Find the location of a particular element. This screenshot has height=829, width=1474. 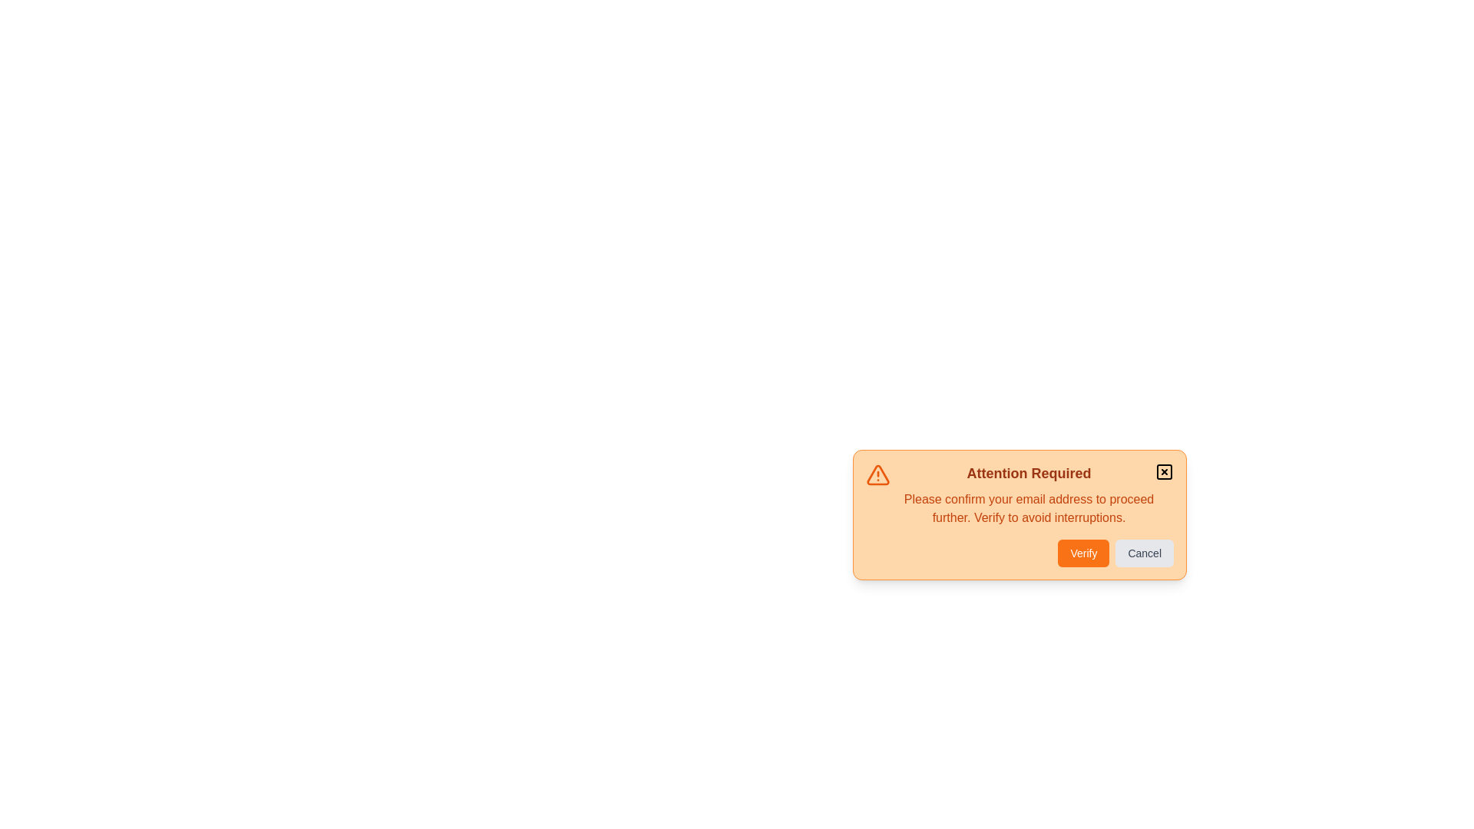

the close icon to dismiss the alert is located at coordinates (1164, 471).